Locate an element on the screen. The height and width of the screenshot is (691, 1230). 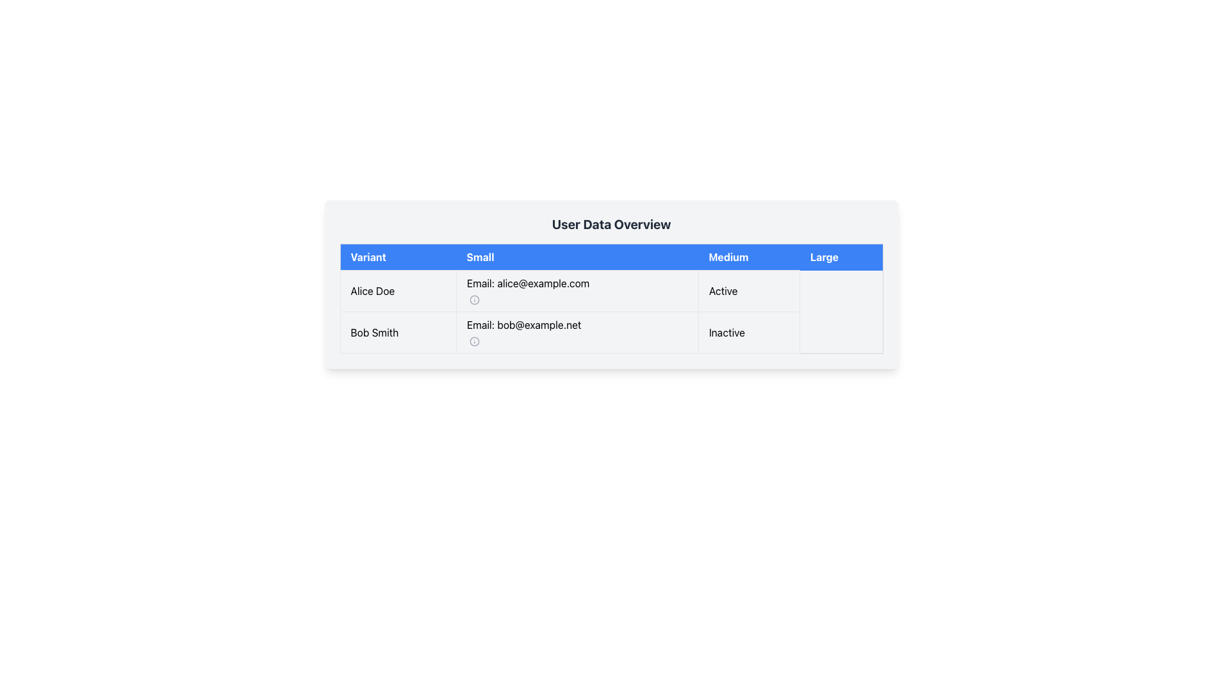
the circular graphical icon located in the 'Small' column of the table for the user 'Bob Smith' is located at coordinates (473, 340).